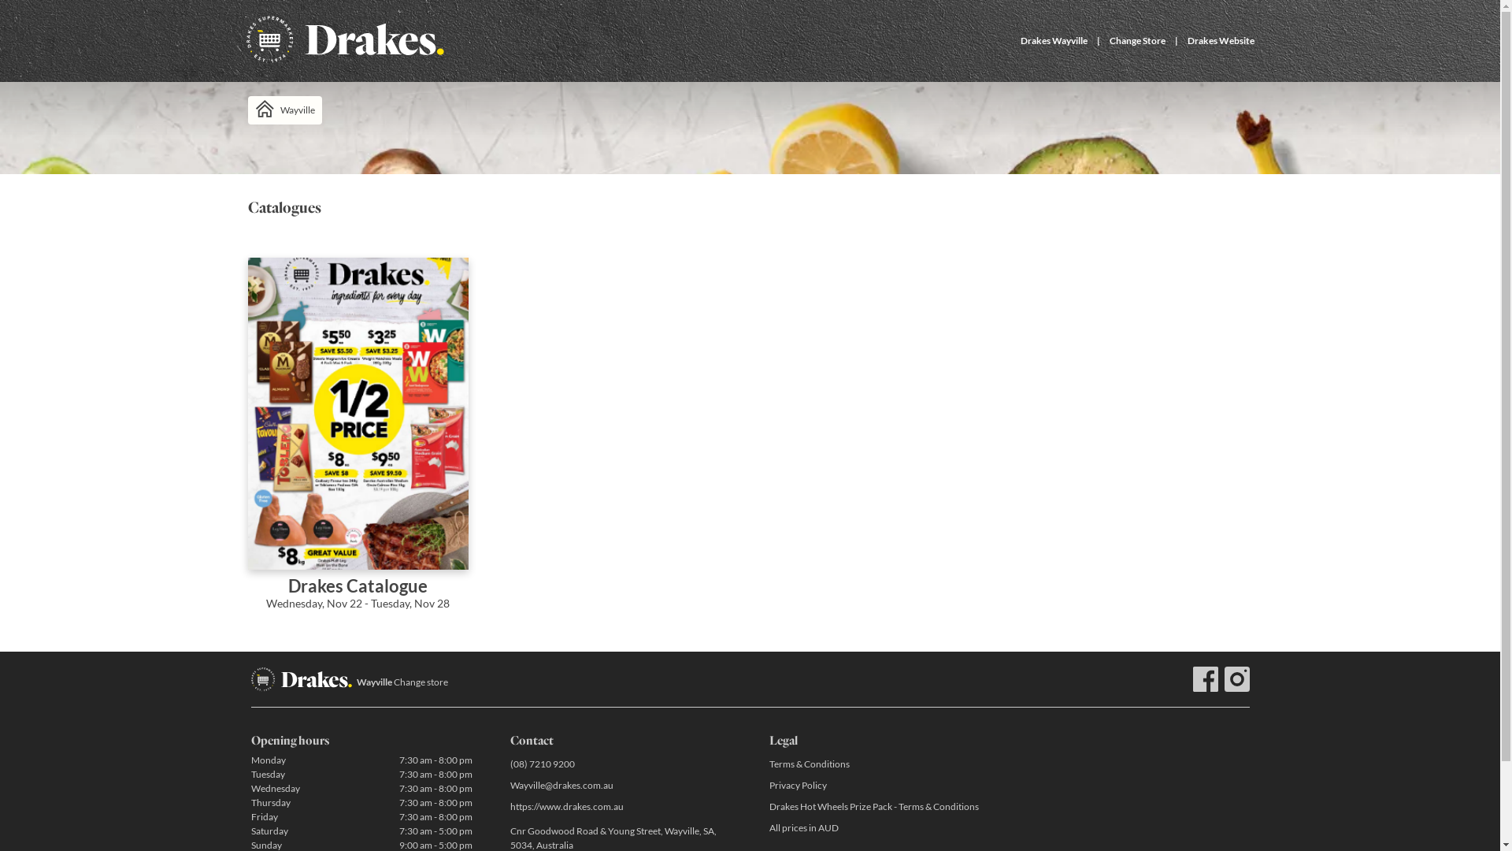  What do you see at coordinates (357, 444) in the screenshot?
I see `'Drakes Catalogue` at bounding box center [357, 444].